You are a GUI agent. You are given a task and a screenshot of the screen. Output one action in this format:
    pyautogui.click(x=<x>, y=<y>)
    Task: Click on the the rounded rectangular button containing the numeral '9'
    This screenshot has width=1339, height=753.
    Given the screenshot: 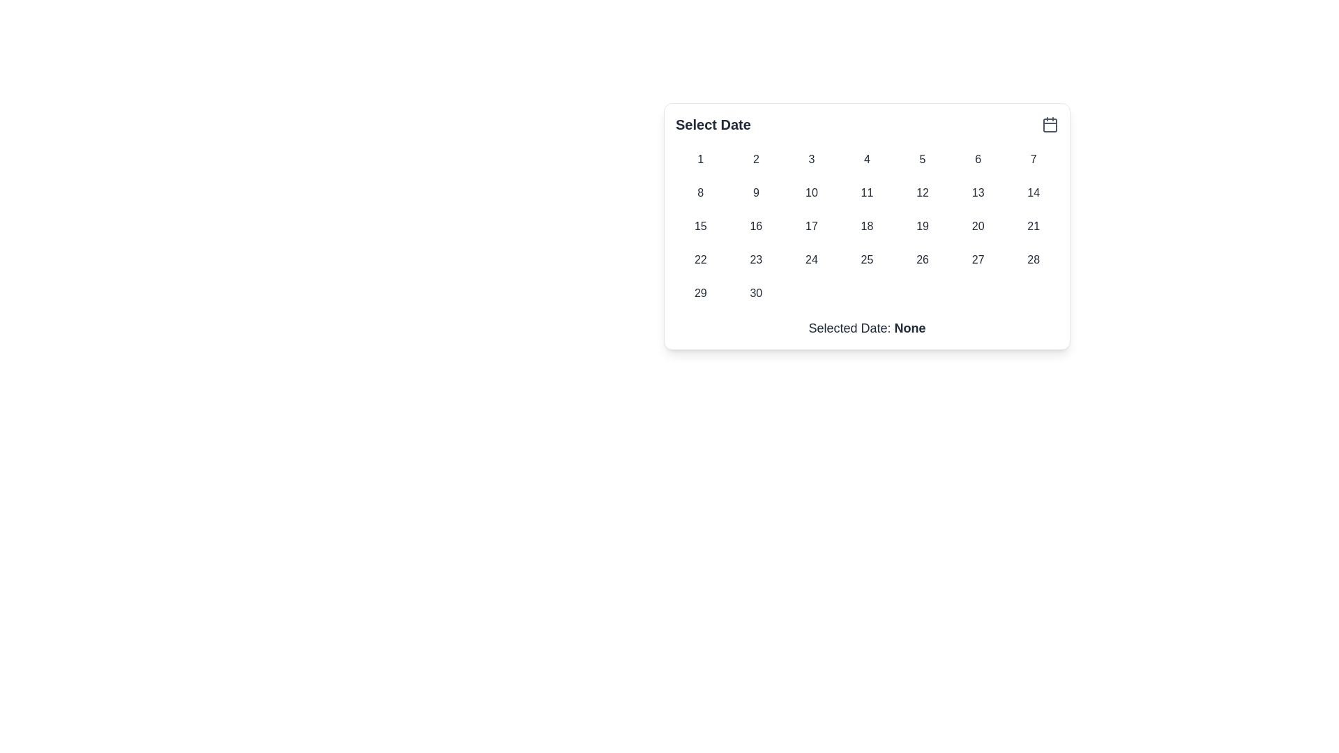 What is the action you would take?
    pyautogui.click(x=755, y=193)
    